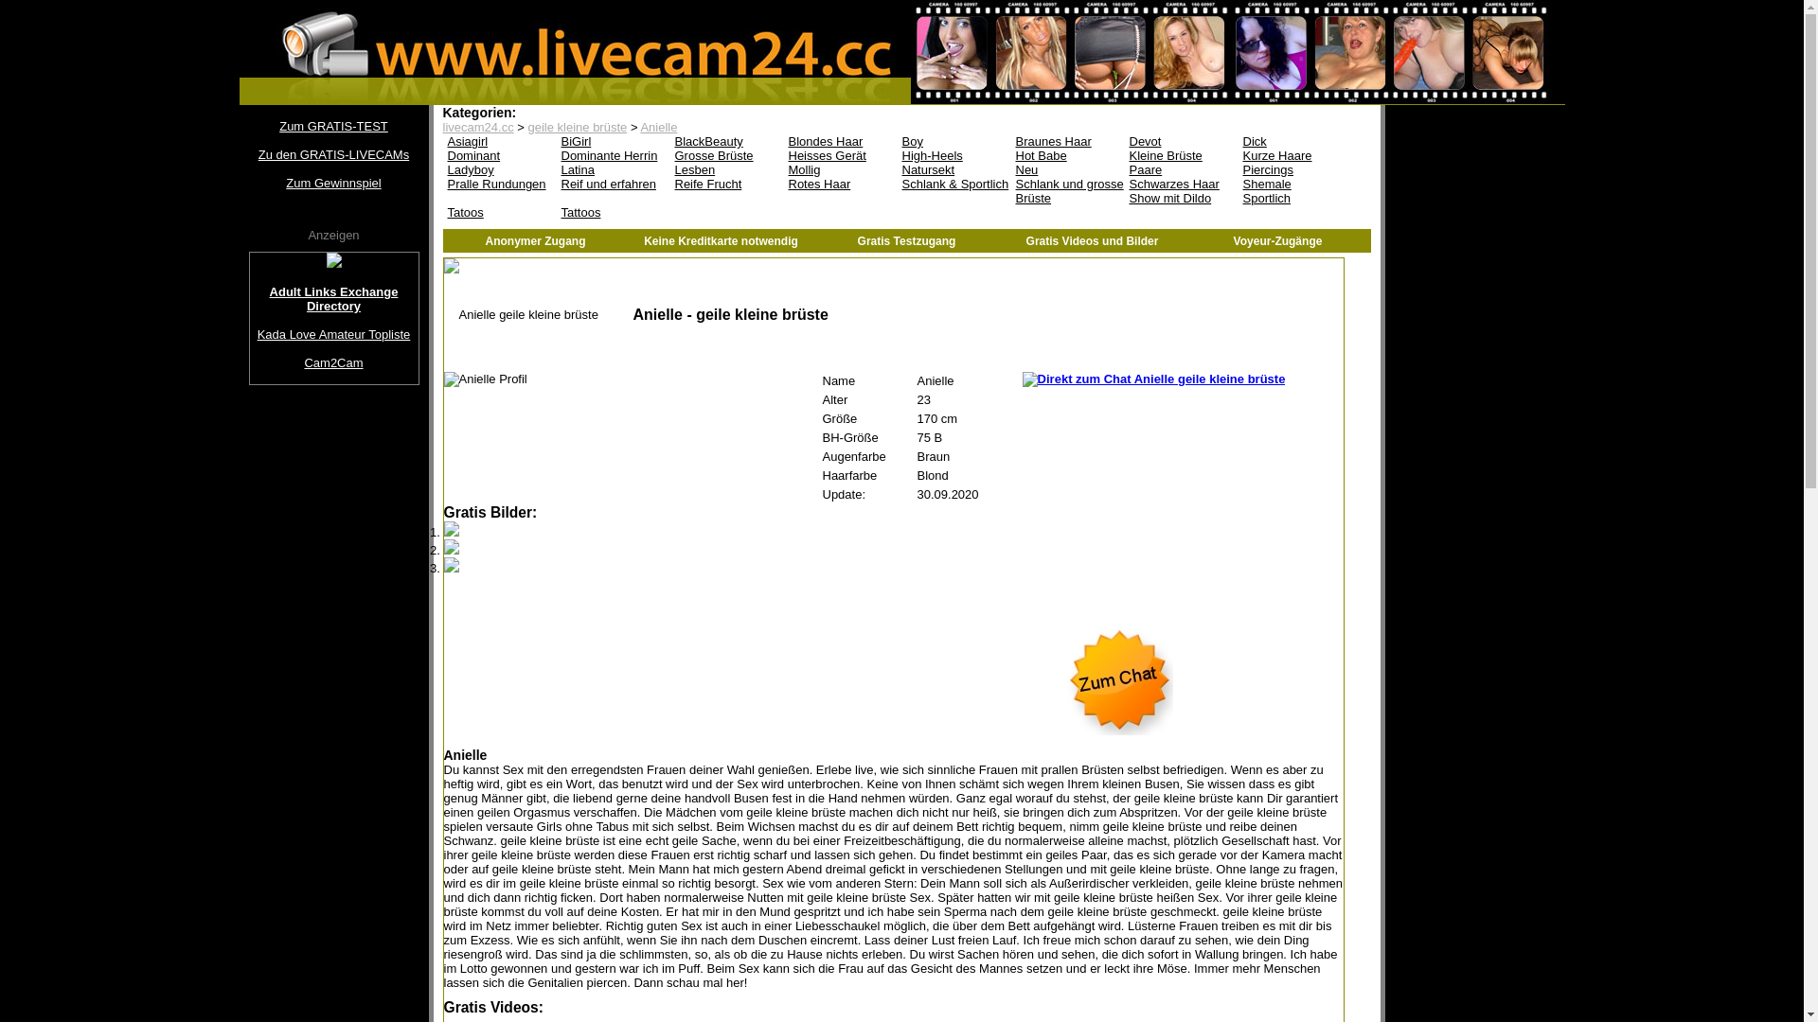 This screenshot has height=1022, width=1818. What do you see at coordinates (1068, 154) in the screenshot?
I see `'Hot Babe'` at bounding box center [1068, 154].